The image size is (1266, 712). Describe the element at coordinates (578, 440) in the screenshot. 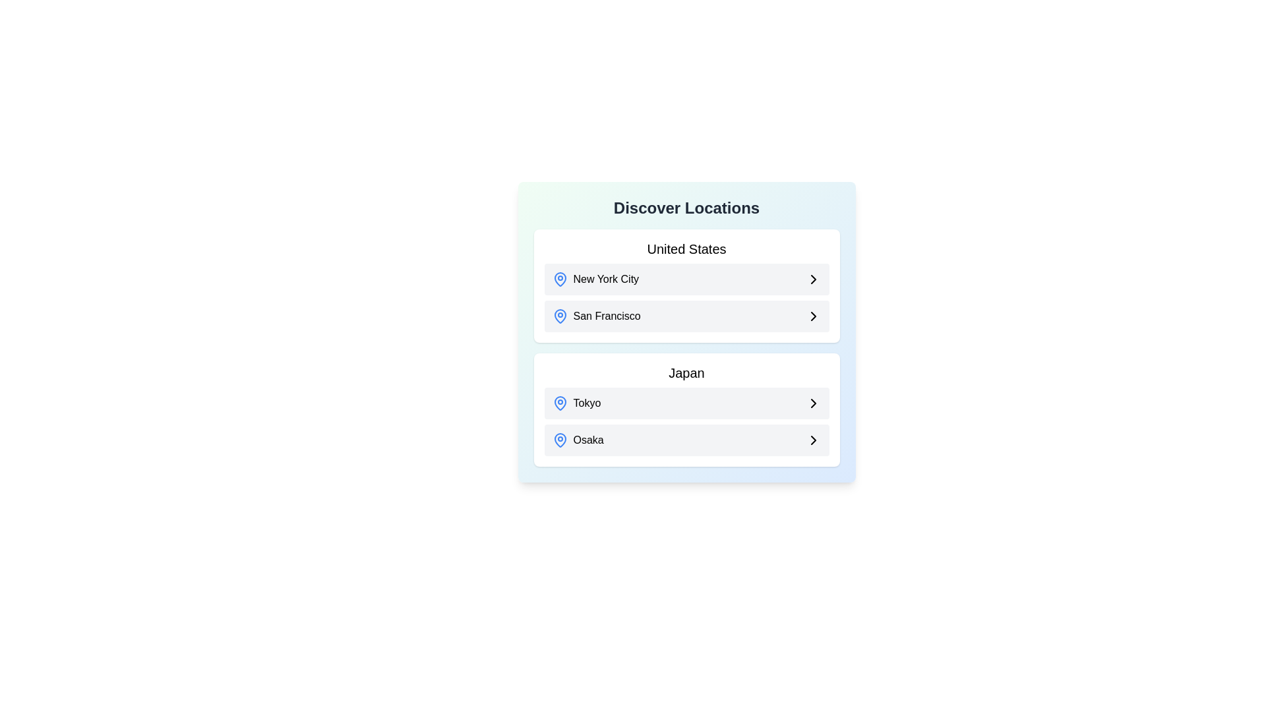

I see `the label displaying 'Osaka' located in the 'Discover Locations' card, which is the second item under 'Japan', positioned between a blue map pin icon and a chevron pointing right` at that location.